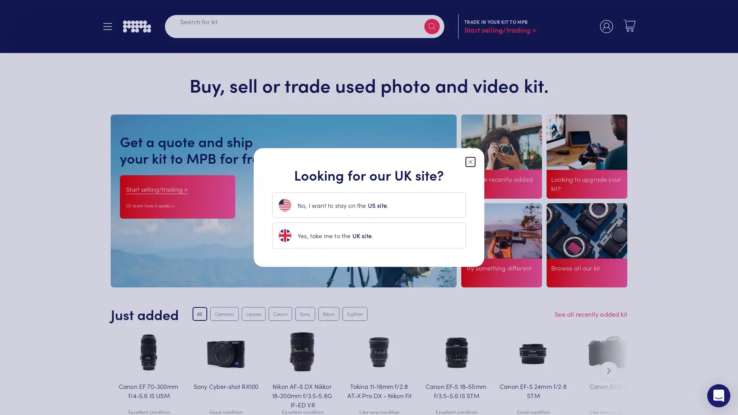  I want to click on View kit guides, so click(487, 279).